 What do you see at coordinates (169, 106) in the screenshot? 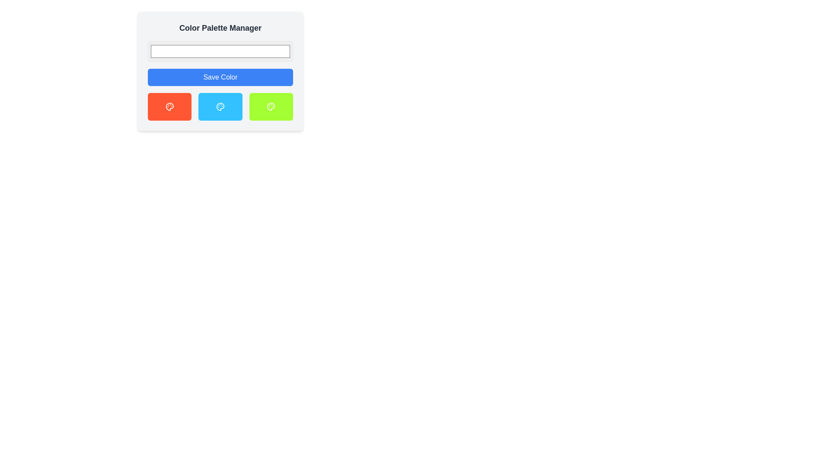
I see `the red rectangular button that contains the SVG palette icon` at bounding box center [169, 106].